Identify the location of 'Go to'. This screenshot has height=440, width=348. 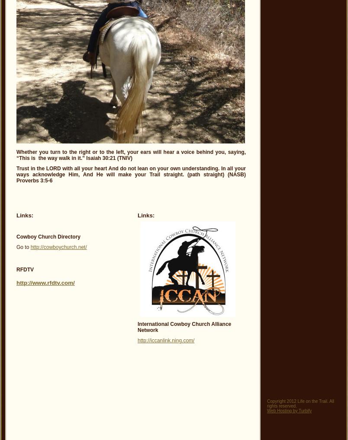
(23, 247).